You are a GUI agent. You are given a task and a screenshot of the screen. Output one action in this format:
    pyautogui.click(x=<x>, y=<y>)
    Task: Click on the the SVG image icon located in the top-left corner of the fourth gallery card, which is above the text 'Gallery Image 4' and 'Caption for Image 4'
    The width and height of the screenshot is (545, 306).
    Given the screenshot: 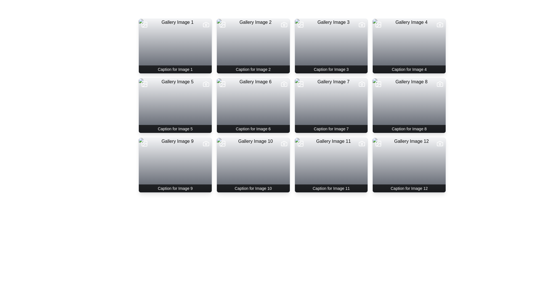 What is the action you would take?
    pyautogui.click(x=378, y=24)
    